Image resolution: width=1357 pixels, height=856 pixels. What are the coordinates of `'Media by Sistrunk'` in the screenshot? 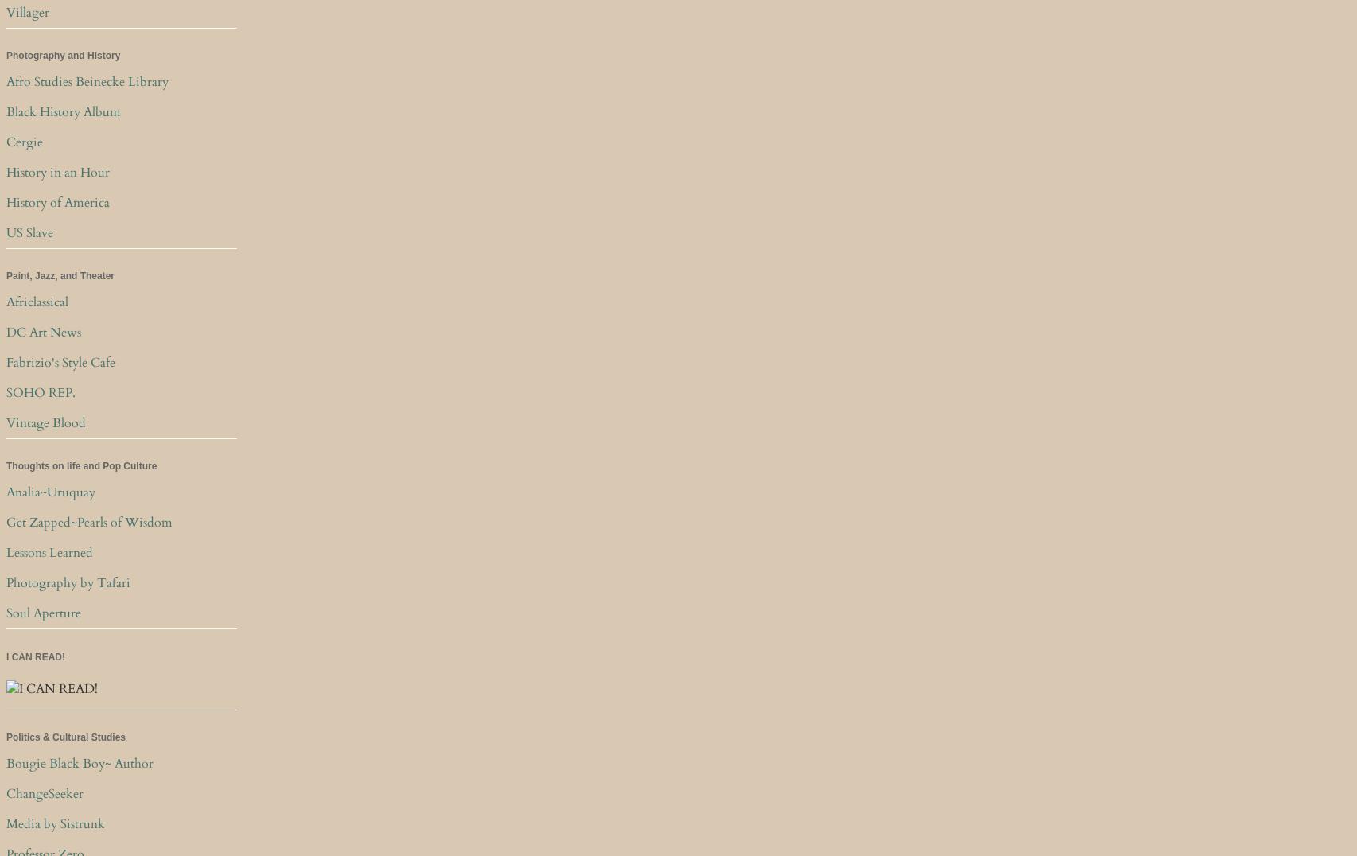 It's located at (55, 823).